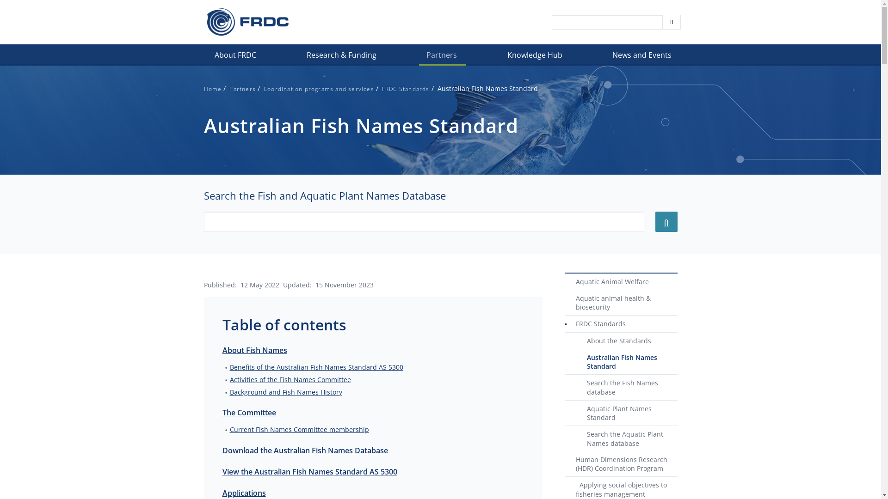 The height and width of the screenshot is (499, 888). I want to click on 'Aquatic animal health & biosecurity', so click(621, 303).